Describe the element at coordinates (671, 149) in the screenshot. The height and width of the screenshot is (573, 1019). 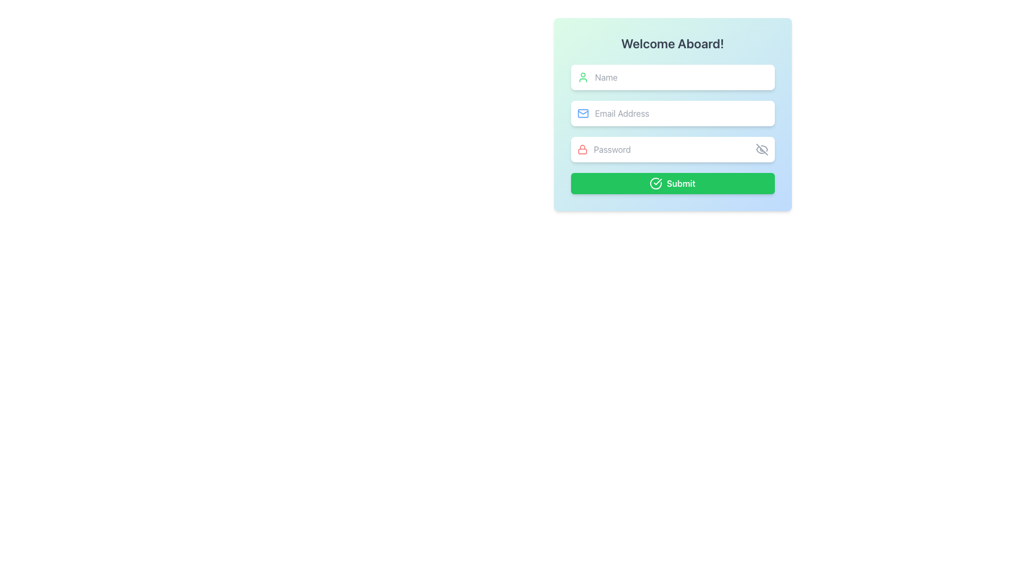
I see `the 'Password' input field` at that location.